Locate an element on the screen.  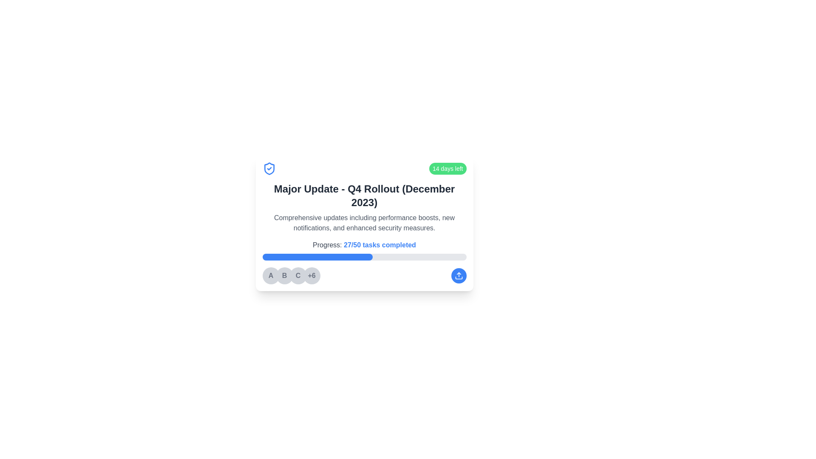
the textual header displaying 'Major Update - Q4 Rollout (December 2023)', styled in large bold grayish text, located in the top-middle section of its card layout is located at coordinates (364, 196).